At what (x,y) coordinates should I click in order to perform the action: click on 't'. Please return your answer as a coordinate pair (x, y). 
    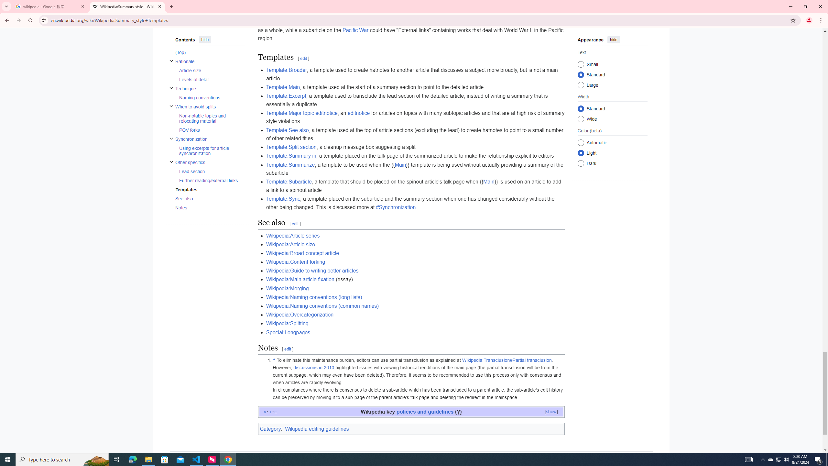
    Looking at the image, I should click on (270, 411).